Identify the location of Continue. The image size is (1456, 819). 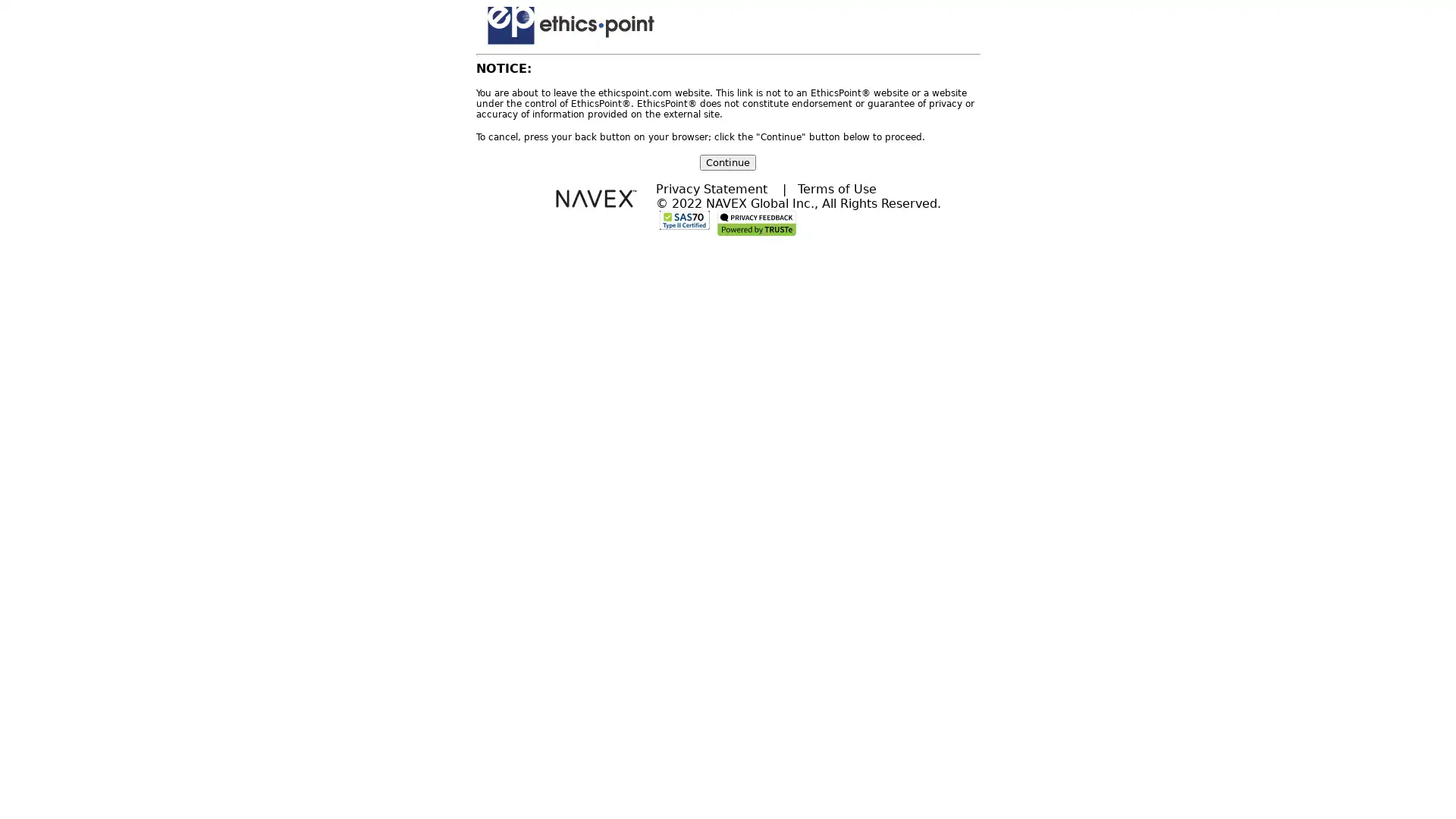
(728, 162).